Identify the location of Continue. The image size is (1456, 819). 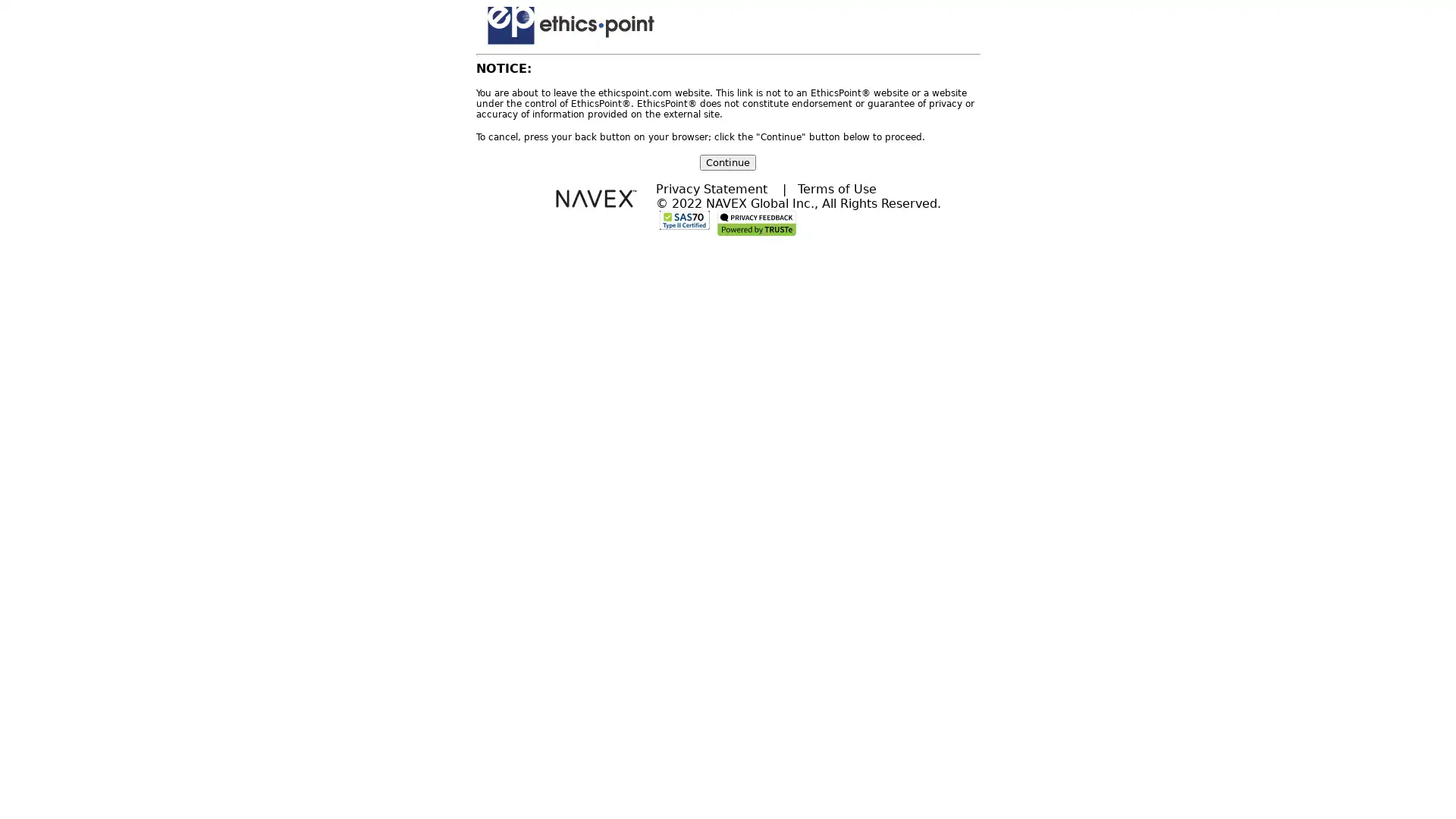
(728, 162).